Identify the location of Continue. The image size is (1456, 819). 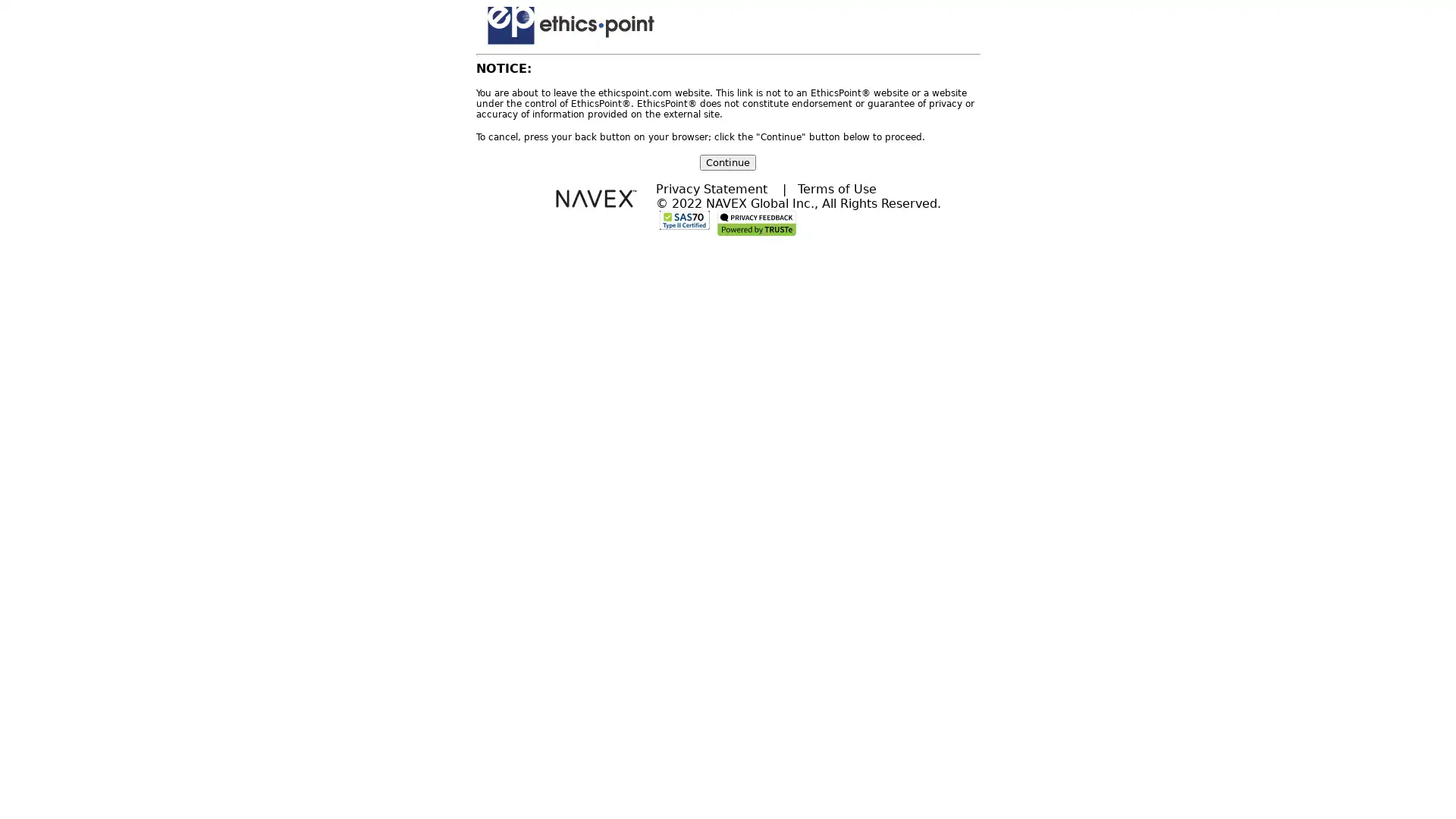
(728, 162).